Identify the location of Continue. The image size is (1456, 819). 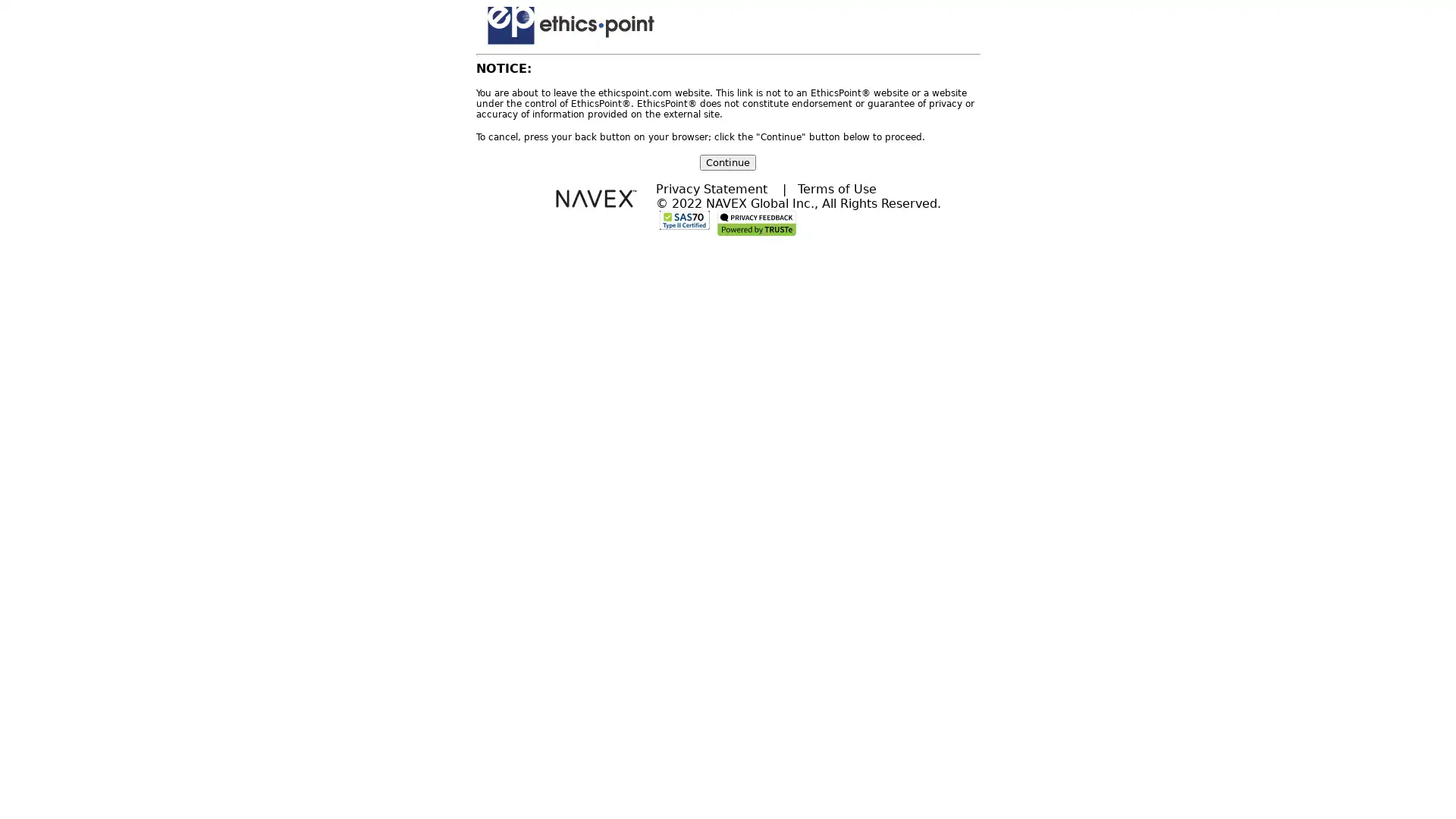
(728, 162).